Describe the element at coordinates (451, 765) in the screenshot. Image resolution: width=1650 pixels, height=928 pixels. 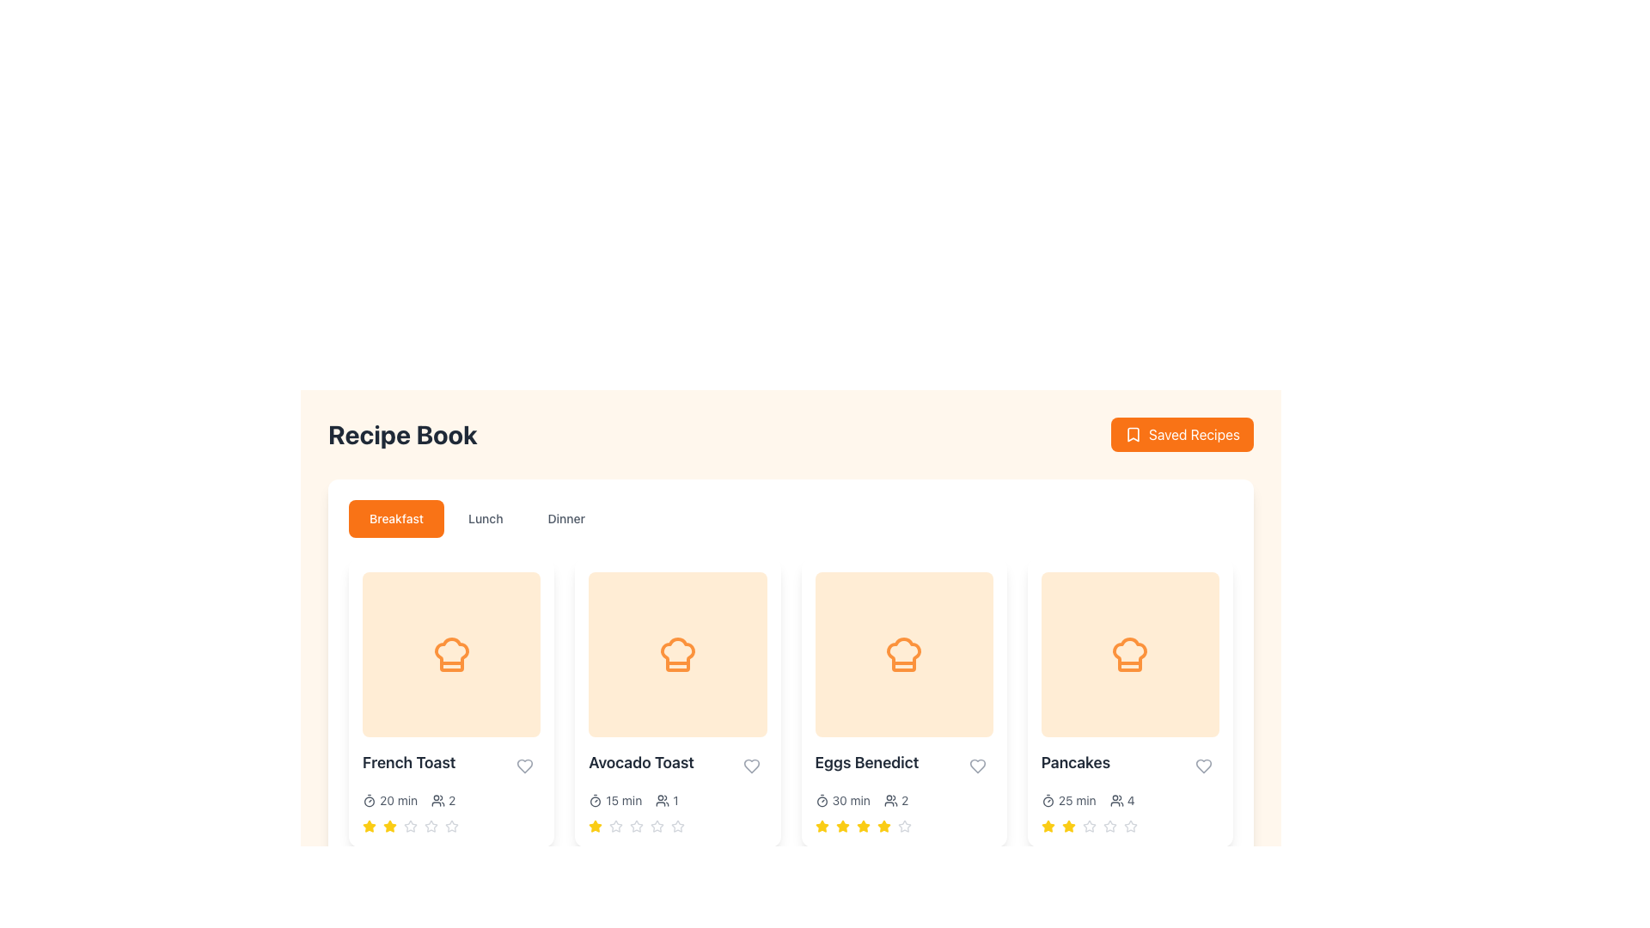
I see `the title of the first recipe card in the 'Breakfast' category, which serves as the recipe name` at that location.